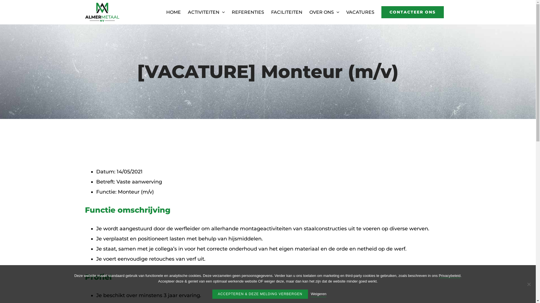  I want to click on 'Privacybeleid', so click(449, 276).